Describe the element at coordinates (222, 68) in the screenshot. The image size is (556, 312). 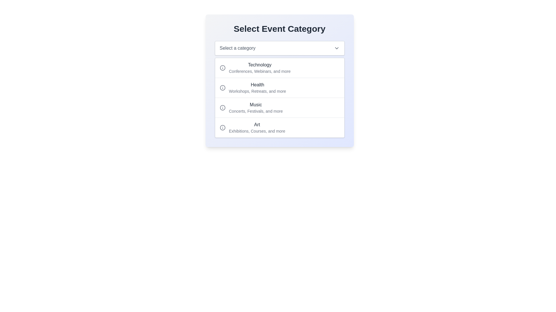
I see `the informational icon associated with the 'Technology' category, located to the left of the heading 'Technology' in the first list item of the dropdown panel labeled 'Select Event Category'` at that location.